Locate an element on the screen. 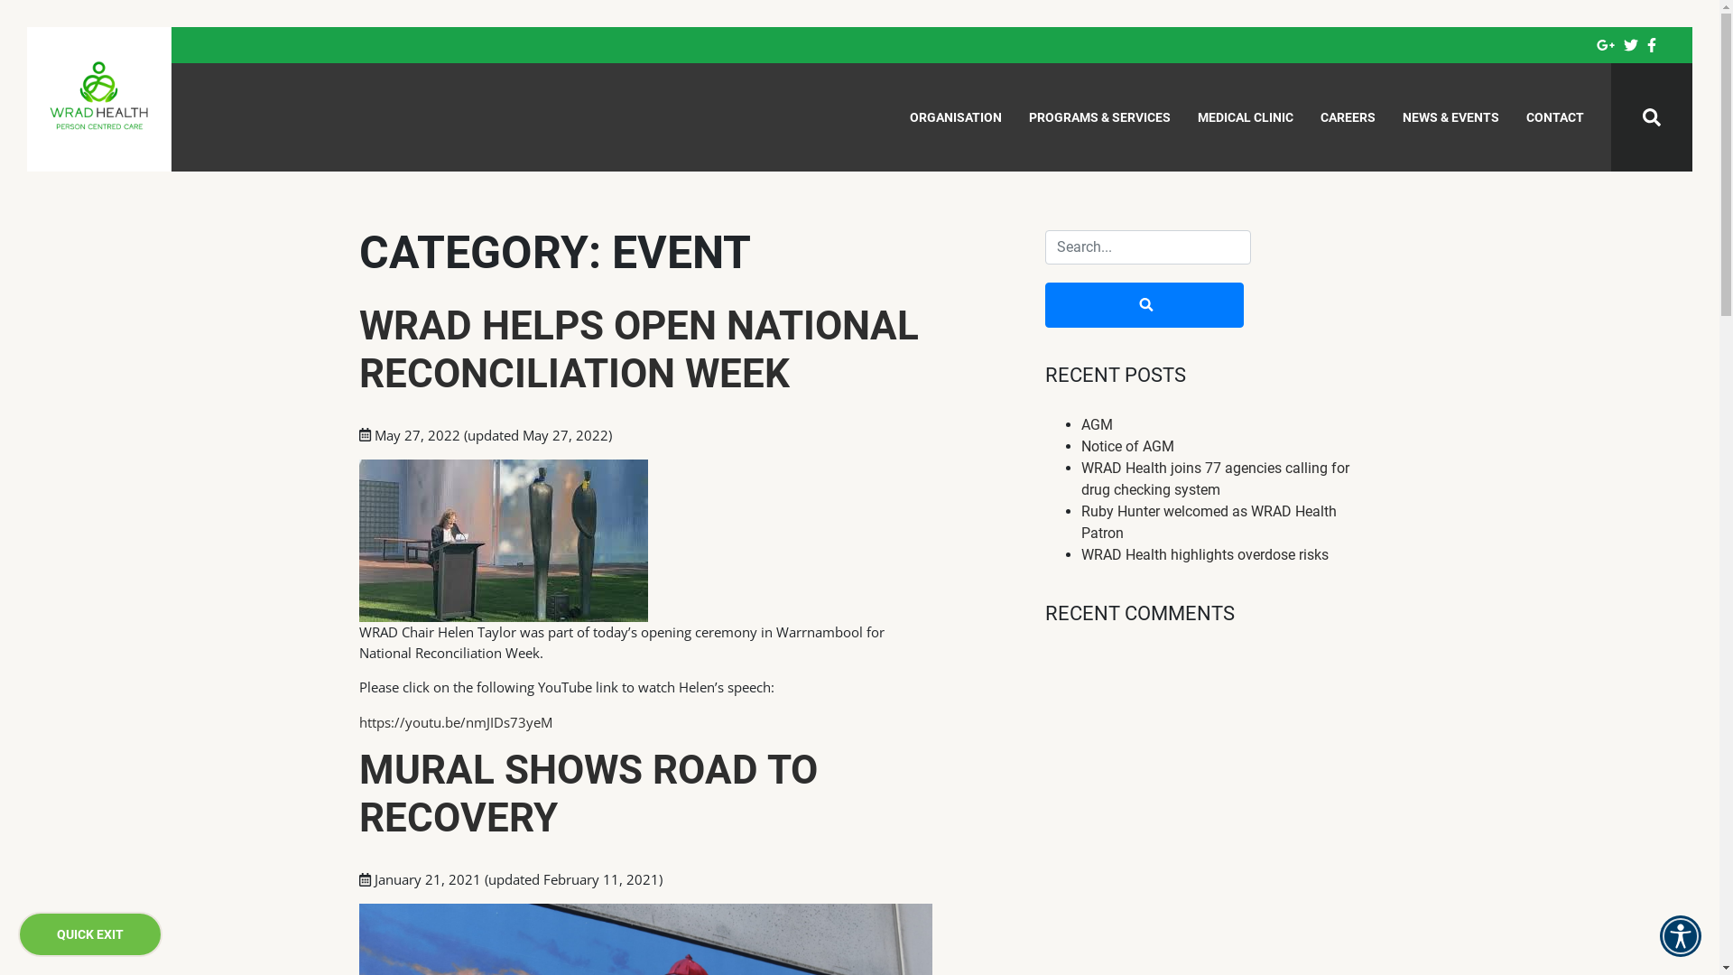  'WRAD Health highlights overdose risks' is located at coordinates (1204, 553).